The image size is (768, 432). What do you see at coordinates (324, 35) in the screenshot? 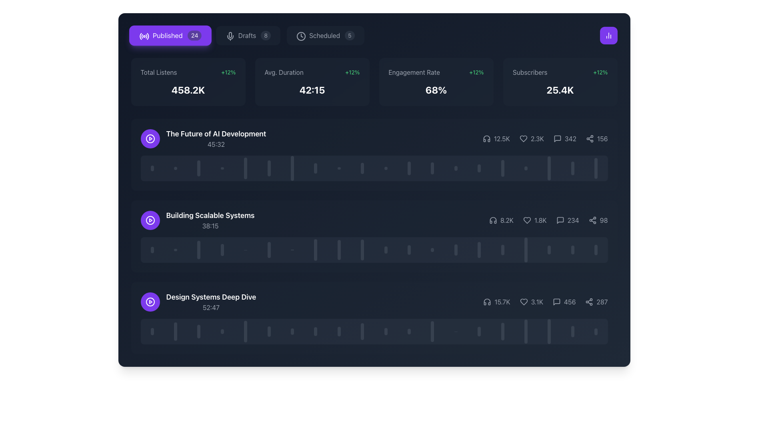
I see `the 'Scheduled' text label, which is part of a button-like structure in the horizontal navigation bar, located to the right of 'Published' and 'Drafts', and immediately before a circular badge with the number '5'` at bounding box center [324, 35].